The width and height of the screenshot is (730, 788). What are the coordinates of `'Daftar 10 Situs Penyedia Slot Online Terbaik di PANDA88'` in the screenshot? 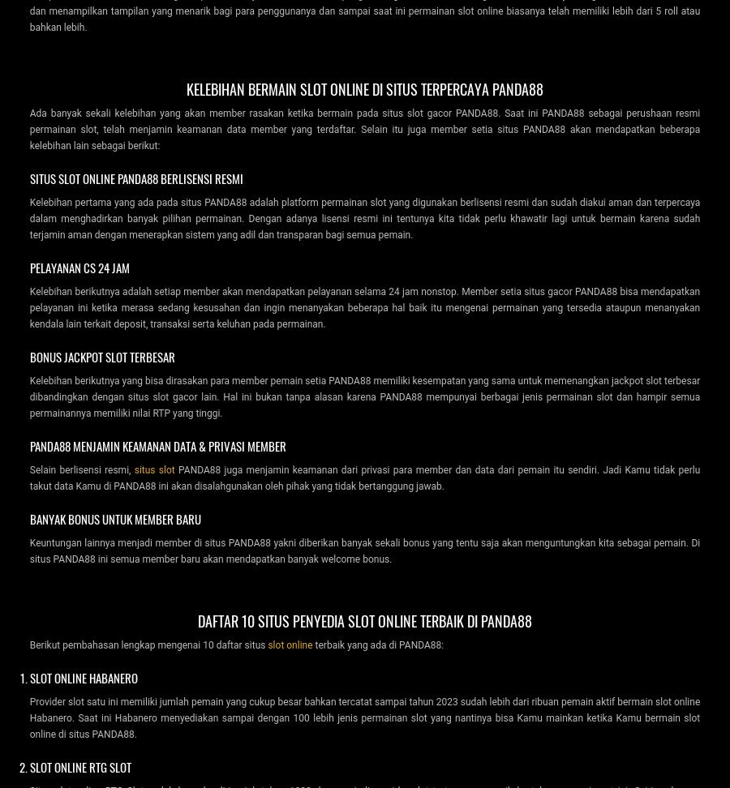 It's located at (196, 619).